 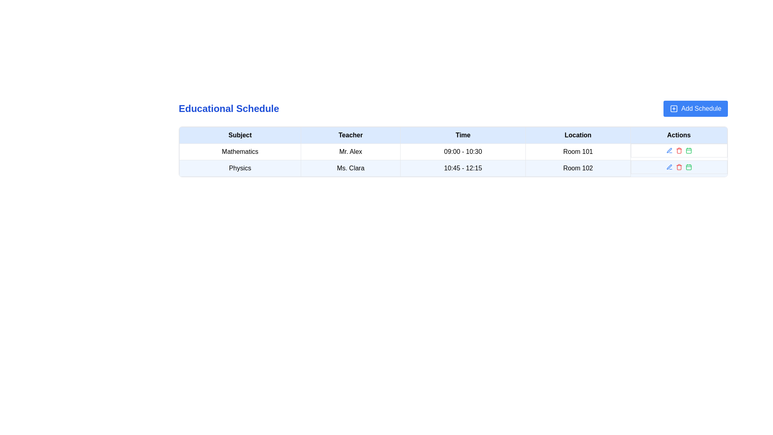 What do you see at coordinates (669, 166) in the screenshot?
I see `the stylized pen icon used for editing actions in the 'Actions' column of the Mathematics row in the table` at bounding box center [669, 166].